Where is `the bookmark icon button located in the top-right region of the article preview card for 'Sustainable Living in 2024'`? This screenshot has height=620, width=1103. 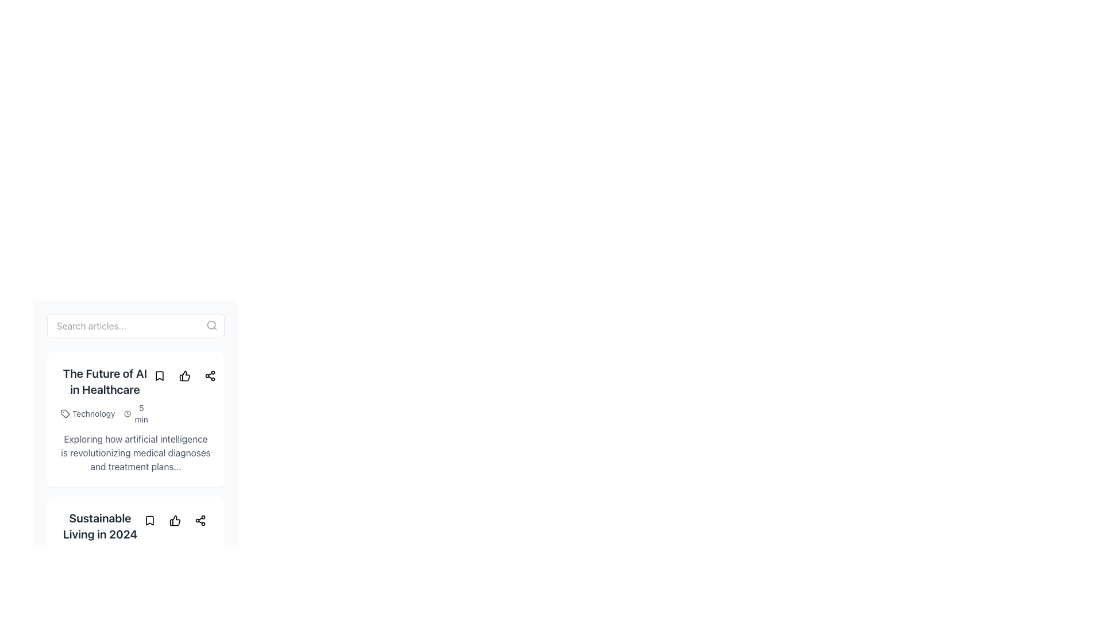
the bookmark icon button located in the top-right region of the article preview card for 'Sustainable Living in 2024' is located at coordinates (149, 520).